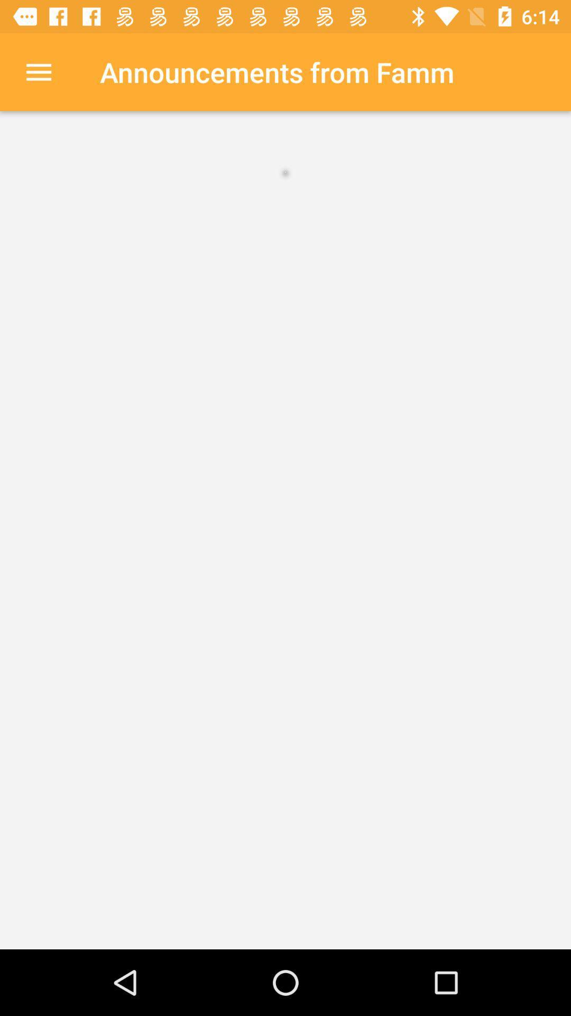 This screenshot has width=571, height=1016. What do you see at coordinates (38, 71) in the screenshot?
I see `icon to the left of the announcements from famm icon` at bounding box center [38, 71].